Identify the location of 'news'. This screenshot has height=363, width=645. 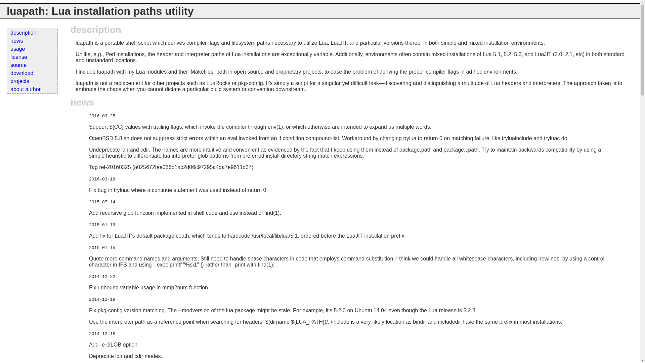
(7, 41).